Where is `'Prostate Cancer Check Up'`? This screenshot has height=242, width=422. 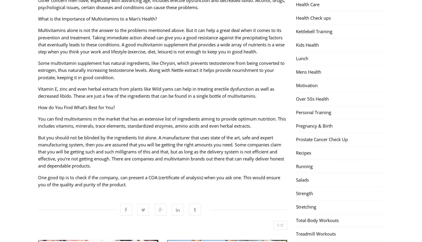
'Prostate Cancer Check Up' is located at coordinates (321, 139).